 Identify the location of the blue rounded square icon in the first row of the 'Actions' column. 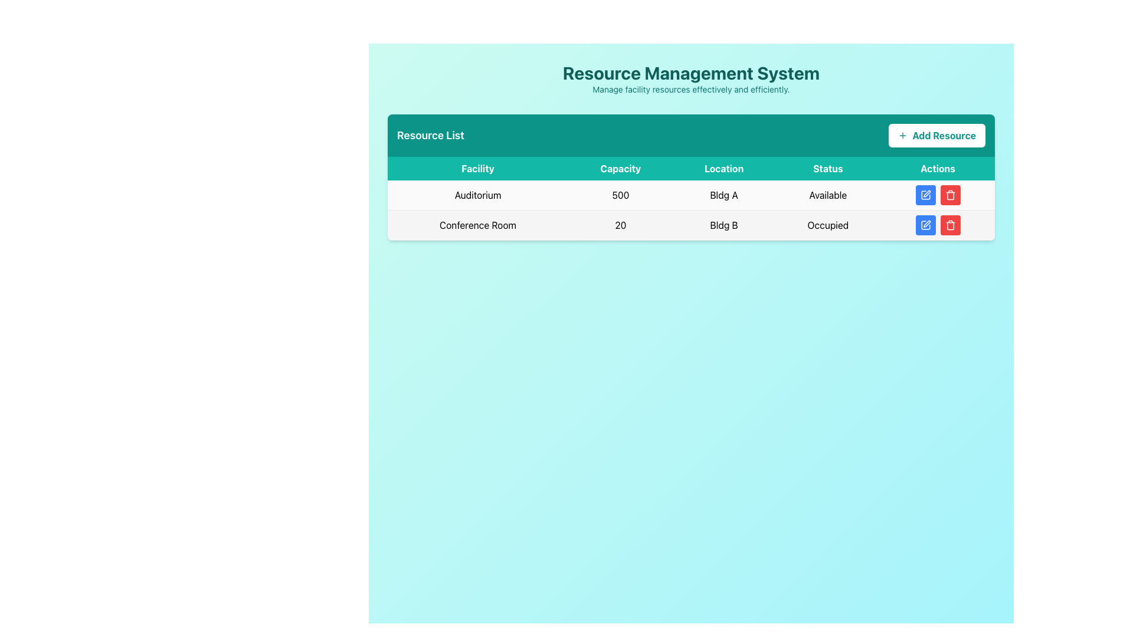
(925, 195).